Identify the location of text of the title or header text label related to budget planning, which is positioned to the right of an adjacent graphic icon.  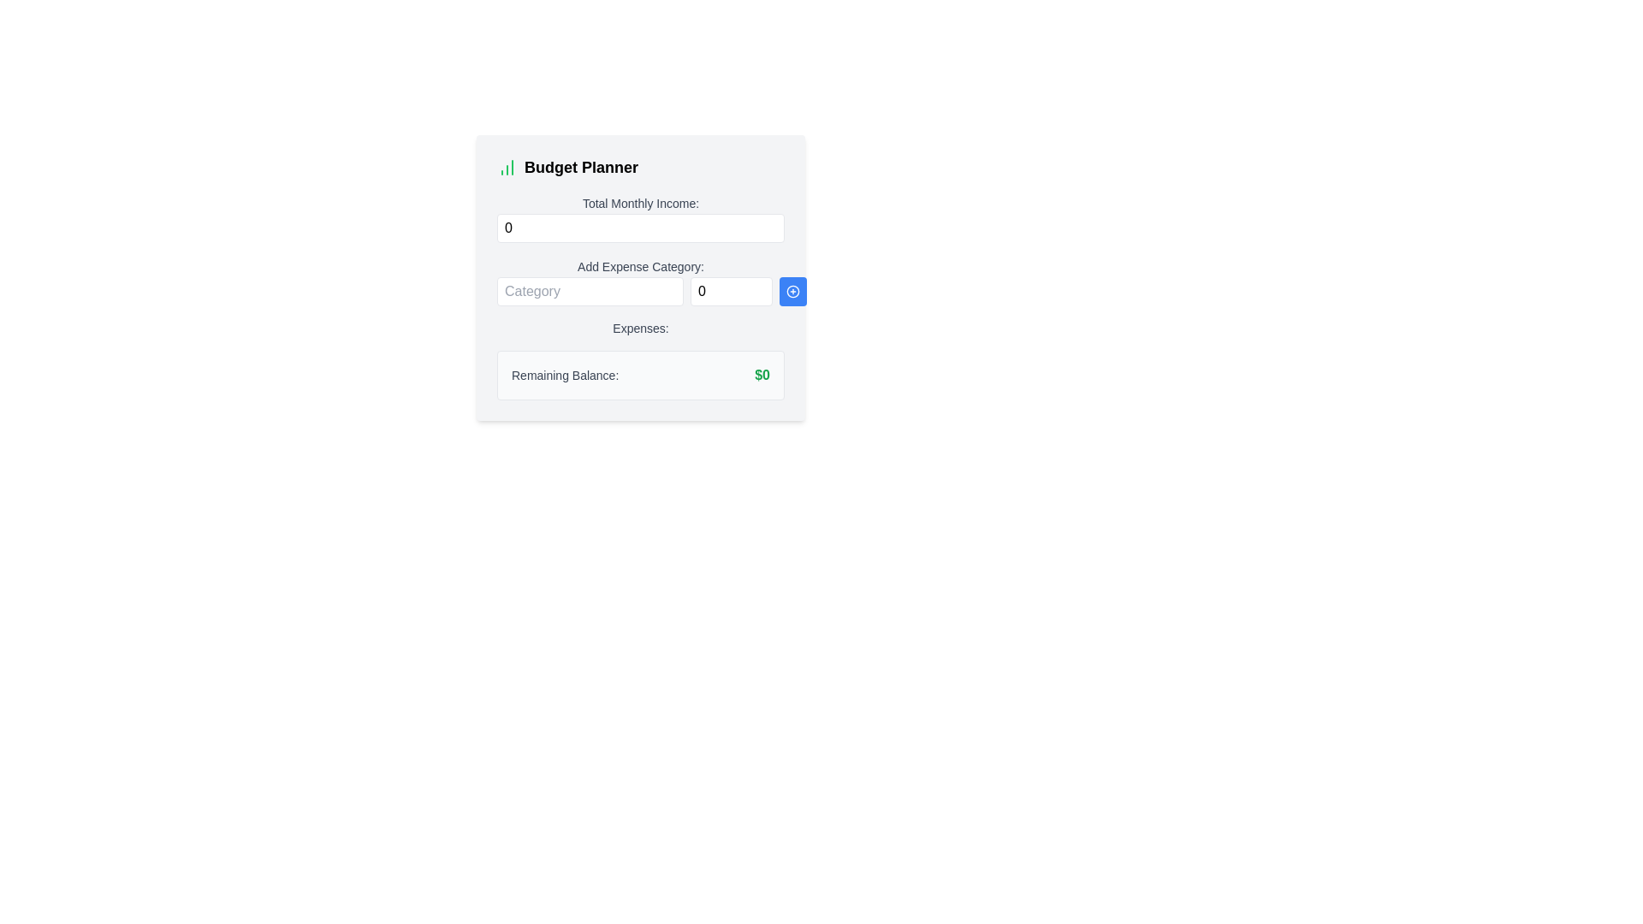
(581, 168).